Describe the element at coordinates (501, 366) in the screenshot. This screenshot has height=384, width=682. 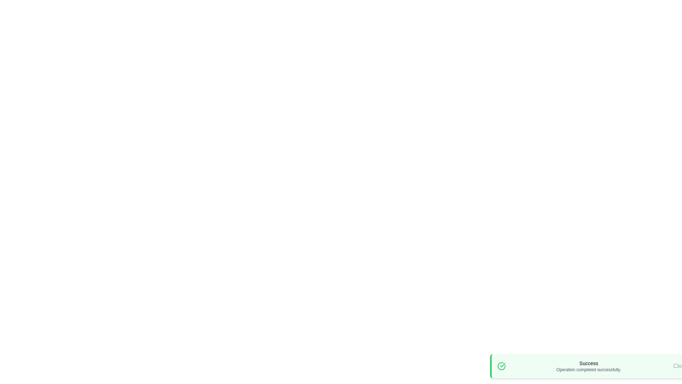
I see `the icon located at the left side of the green-outlined success notification box, which provides positive feedback to the user` at that location.